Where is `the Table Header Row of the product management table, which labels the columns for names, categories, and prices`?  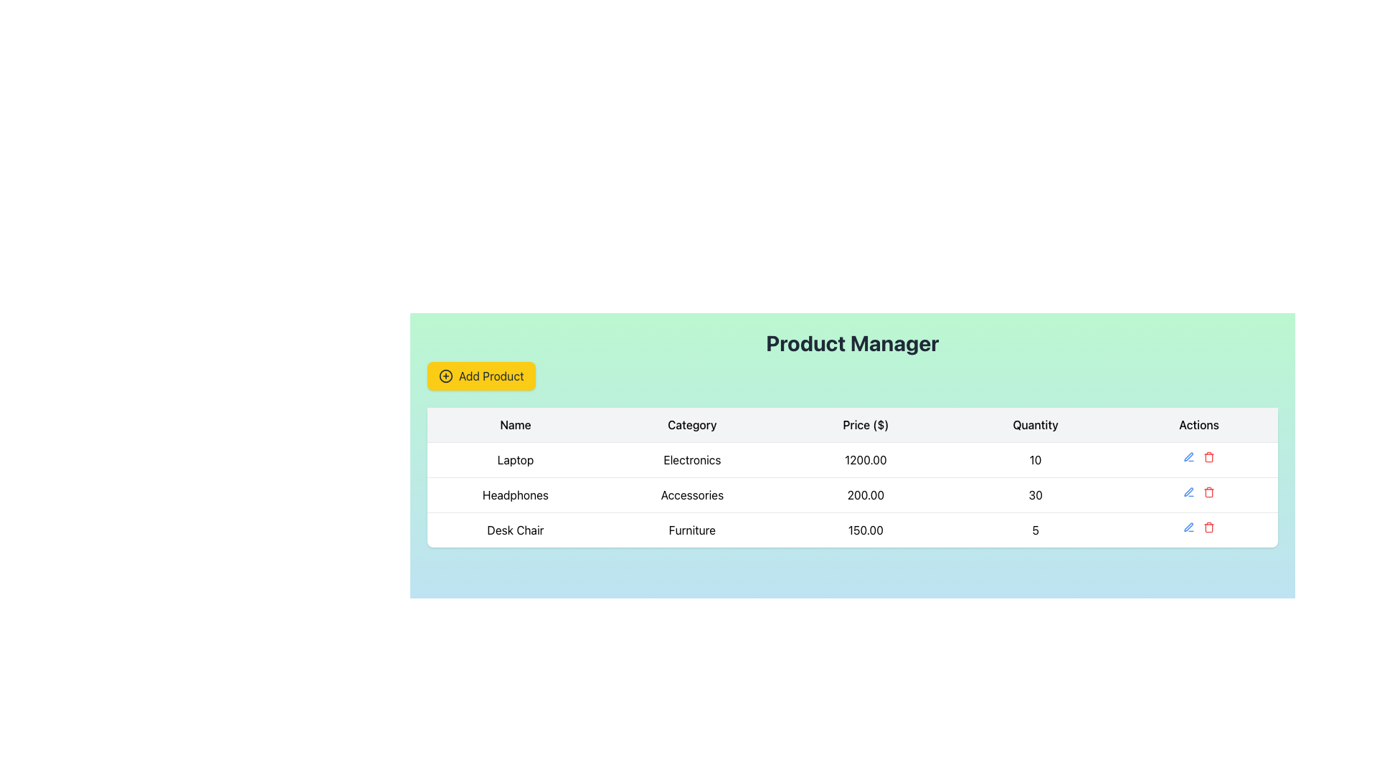
the Table Header Row of the product management table, which labels the columns for names, categories, and prices is located at coordinates (853, 424).